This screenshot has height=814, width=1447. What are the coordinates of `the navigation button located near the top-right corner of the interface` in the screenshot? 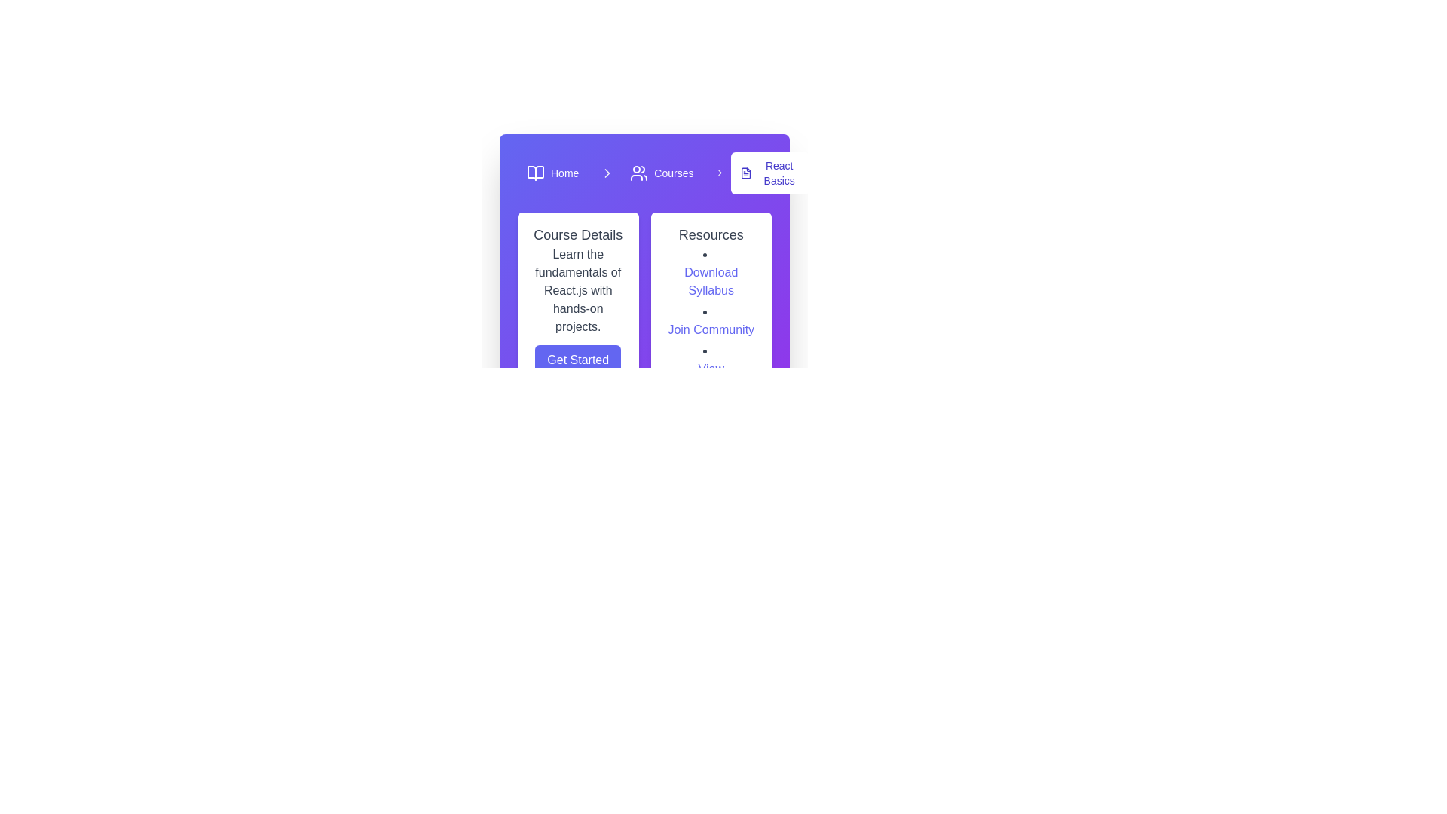 It's located at (607, 173).